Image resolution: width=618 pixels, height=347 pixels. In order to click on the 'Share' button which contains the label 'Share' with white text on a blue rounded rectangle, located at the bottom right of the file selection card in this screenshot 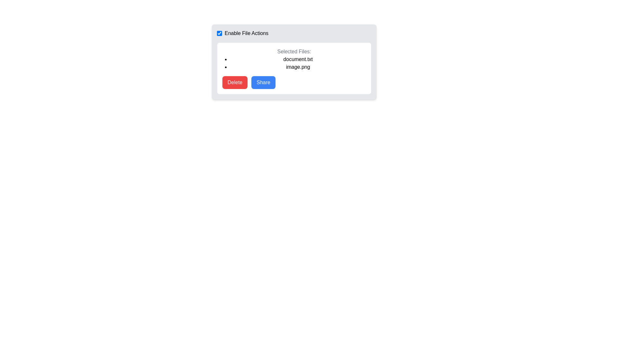, I will do `click(263, 82)`.